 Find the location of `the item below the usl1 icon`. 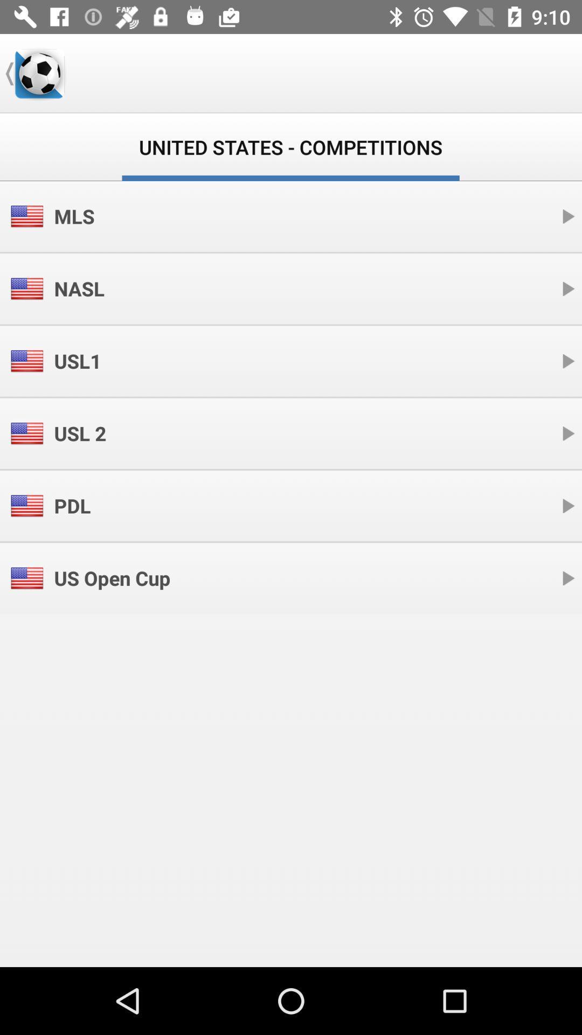

the item below the usl1 icon is located at coordinates (79, 433).